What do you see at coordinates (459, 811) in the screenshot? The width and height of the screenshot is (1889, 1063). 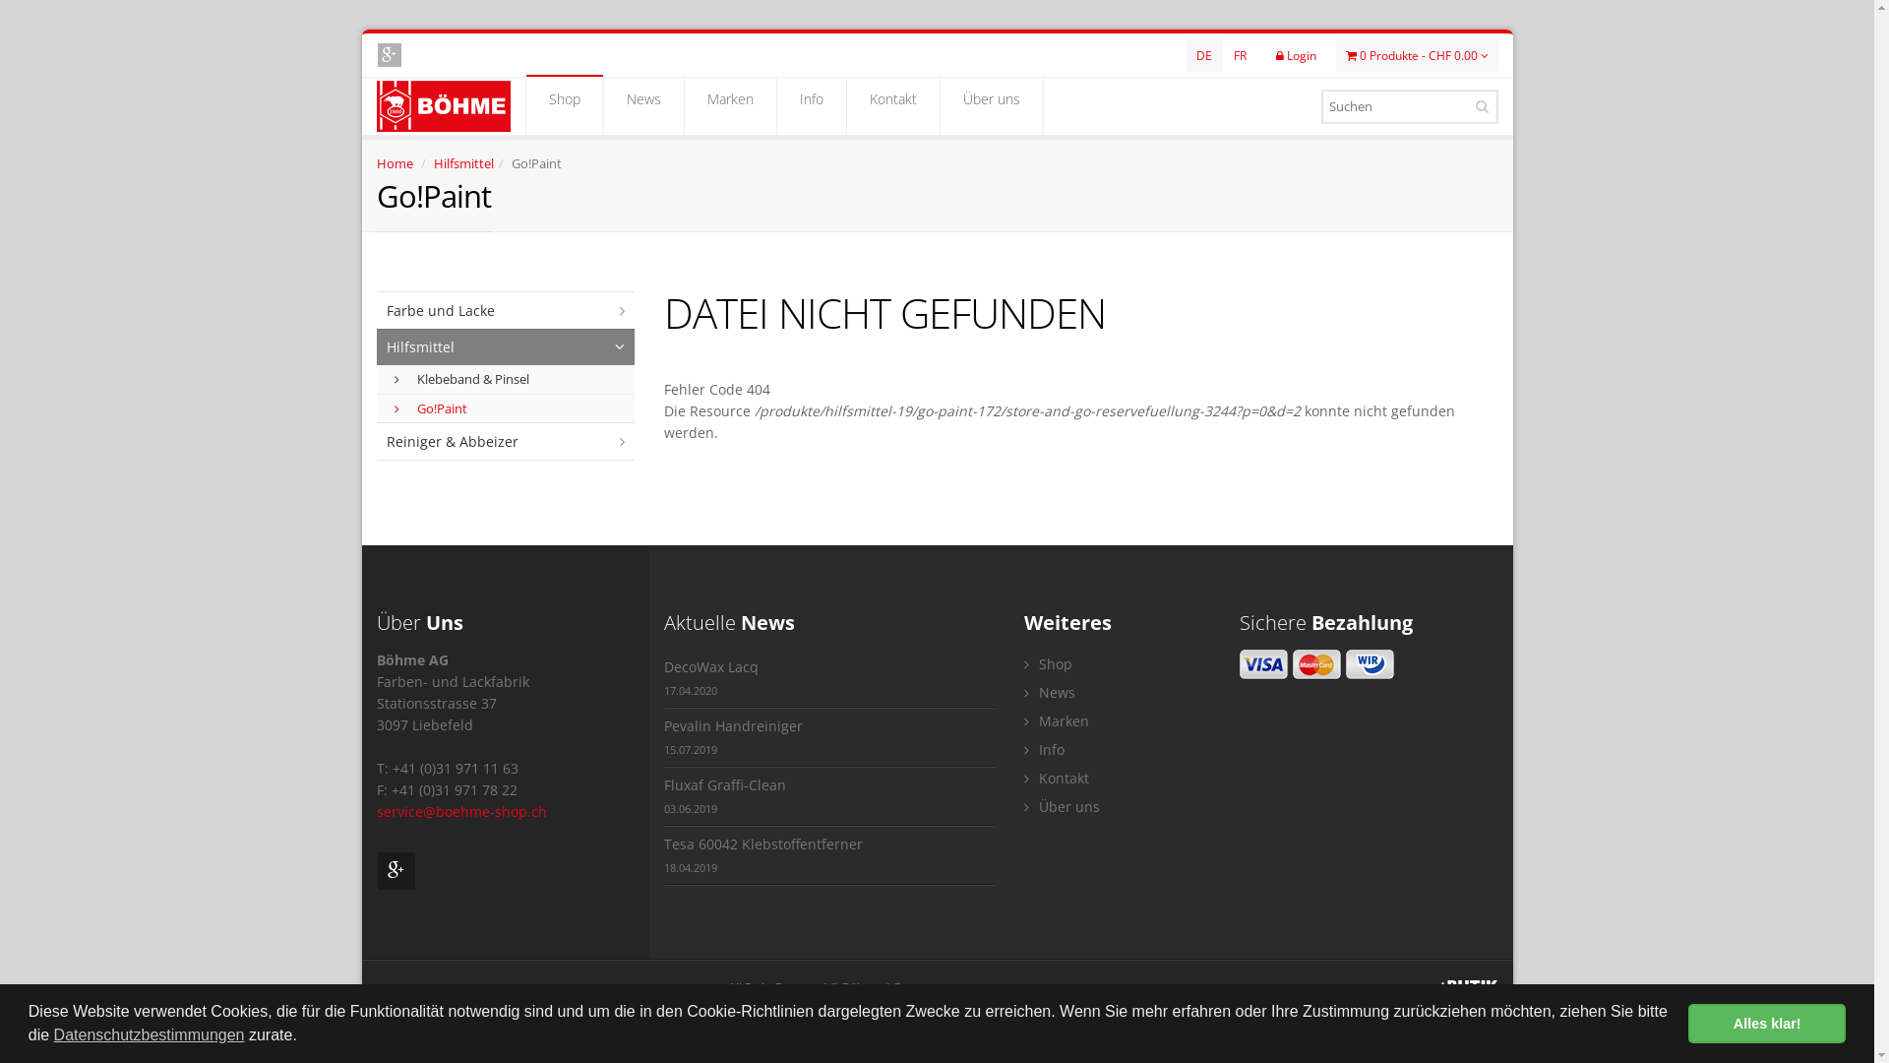 I see `'service@boehme-shop.ch'` at bounding box center [459, 811].